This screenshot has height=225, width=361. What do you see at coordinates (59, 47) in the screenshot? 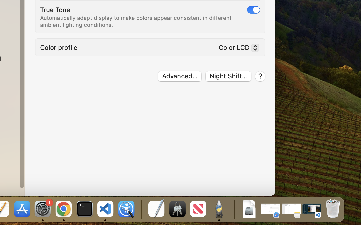
I see `'Color profile'` at bounding box center [59, 47].